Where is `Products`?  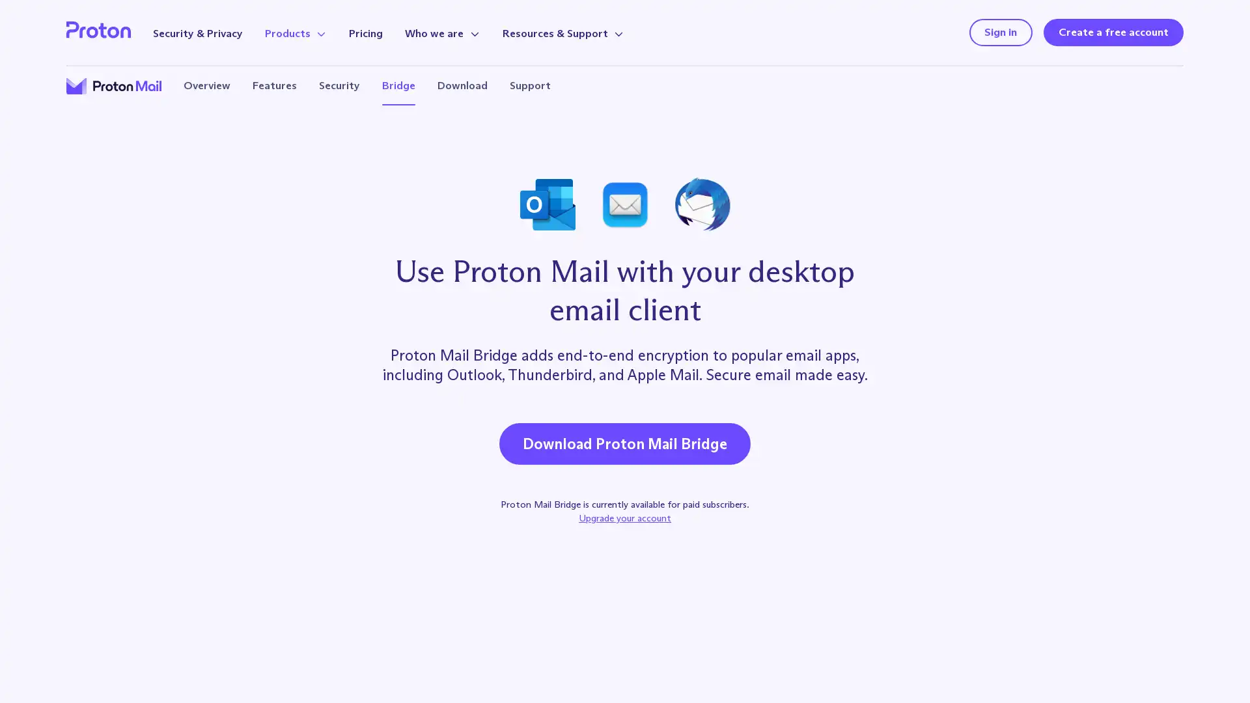
Products is located at coordinates (295, 33).